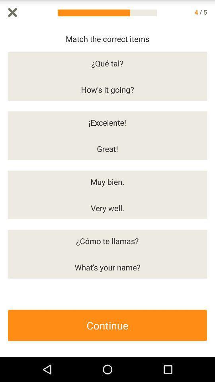  What do you see at coordinates (12, 12) in the screenshot?
I see `it` at bounding box center [12, 12].